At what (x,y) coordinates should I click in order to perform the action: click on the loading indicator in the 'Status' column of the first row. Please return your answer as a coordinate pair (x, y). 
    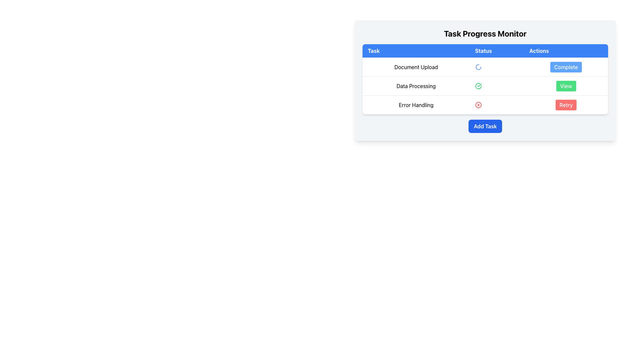
    Looking at the image, I should click on (478, 67).